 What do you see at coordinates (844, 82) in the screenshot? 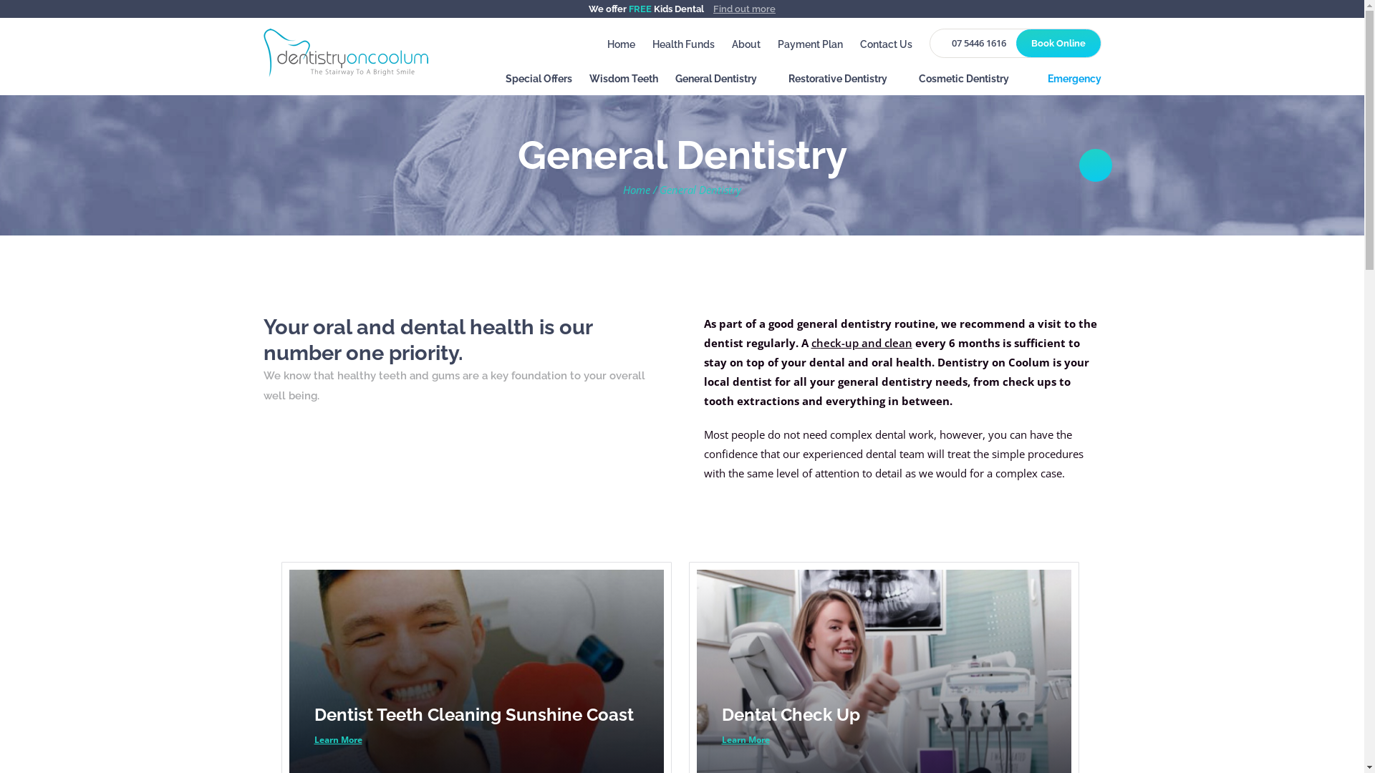
I see `'Restorative Dentistry'` at bounding box center [844, 82].